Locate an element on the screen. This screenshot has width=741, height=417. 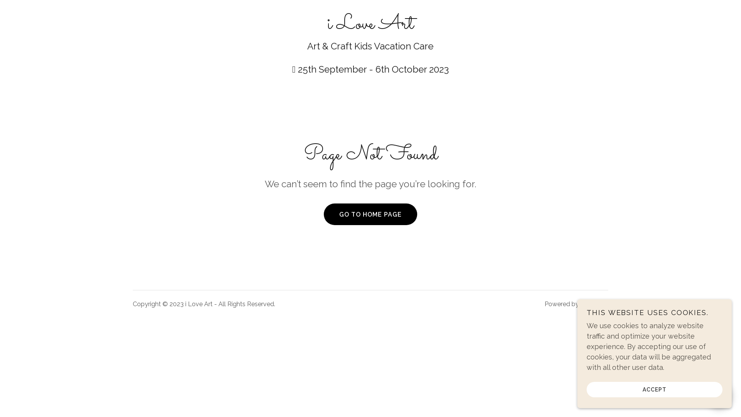
'GO TO HOME PAGE' is located at coordinates (324, 214).